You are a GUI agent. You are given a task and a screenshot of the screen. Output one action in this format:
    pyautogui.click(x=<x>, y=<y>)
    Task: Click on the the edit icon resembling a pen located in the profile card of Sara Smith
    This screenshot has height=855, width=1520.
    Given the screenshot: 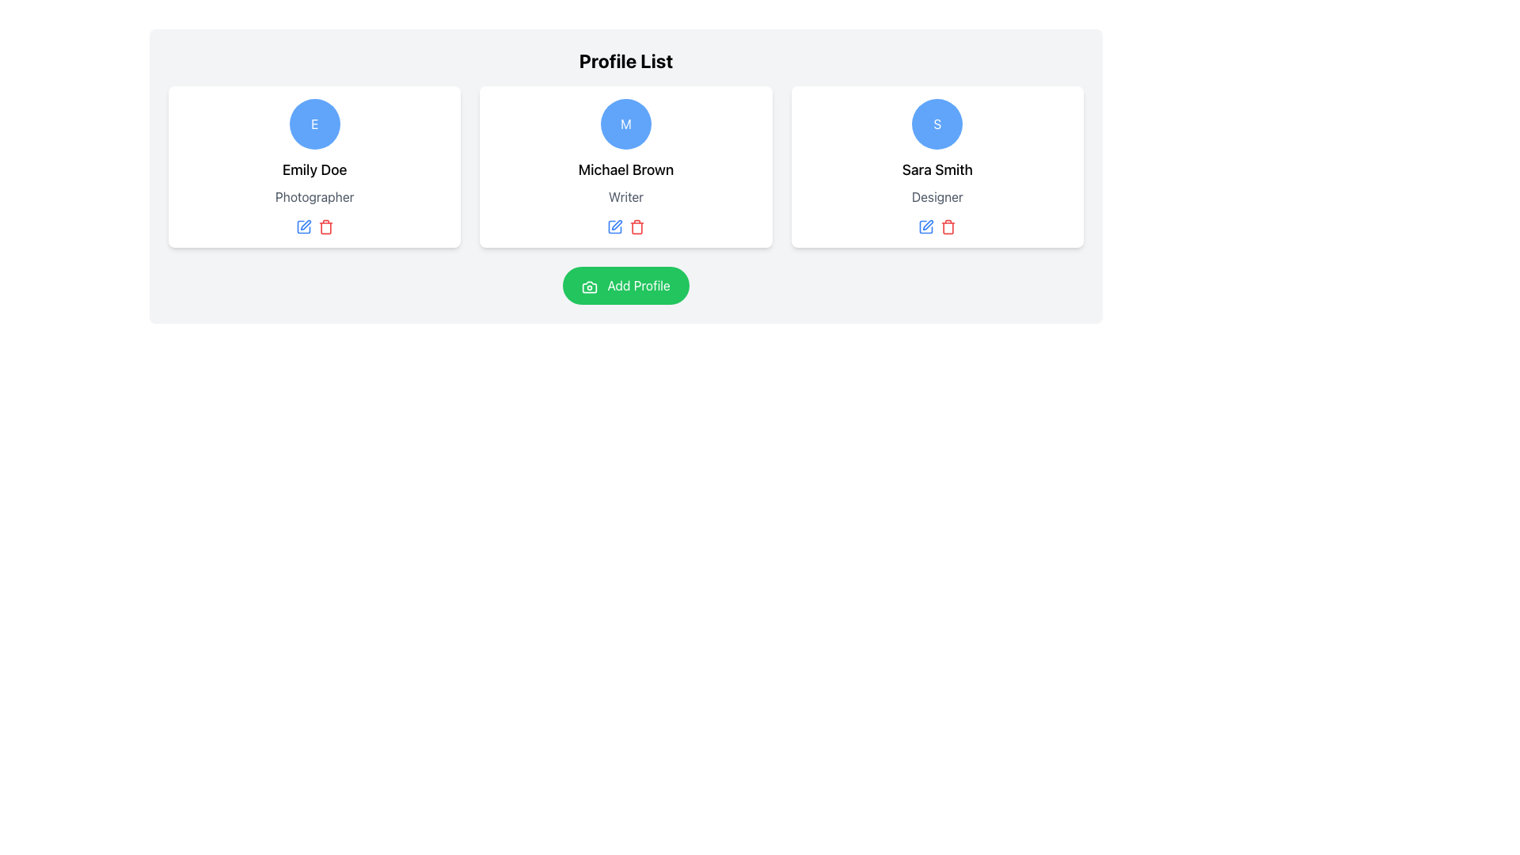 What is the action you would take?
    pyautogui.click(x=928, y=225)
    